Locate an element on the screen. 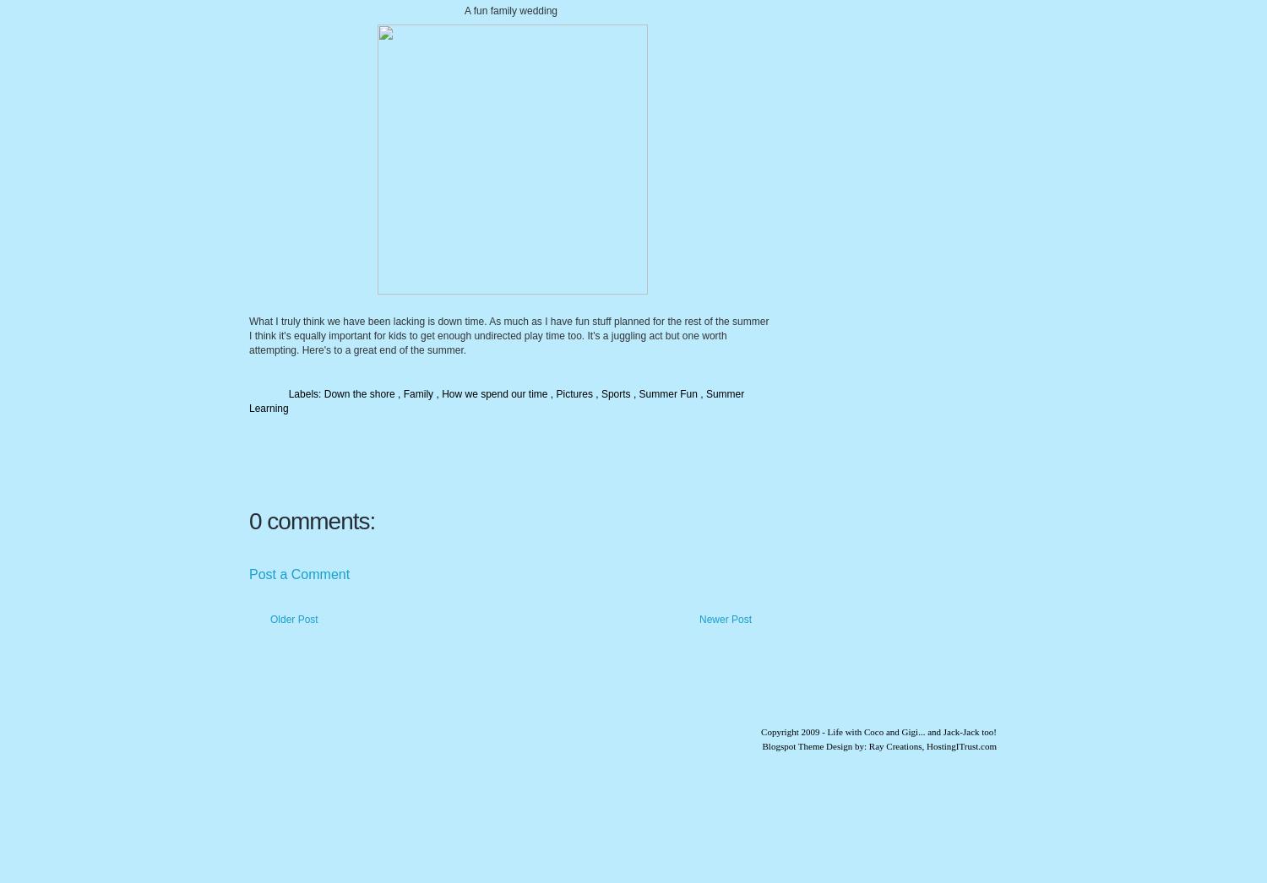 This screenshot has width=1267, height=883. 'Blogspot Theme' is located at coordinates (792, 745).